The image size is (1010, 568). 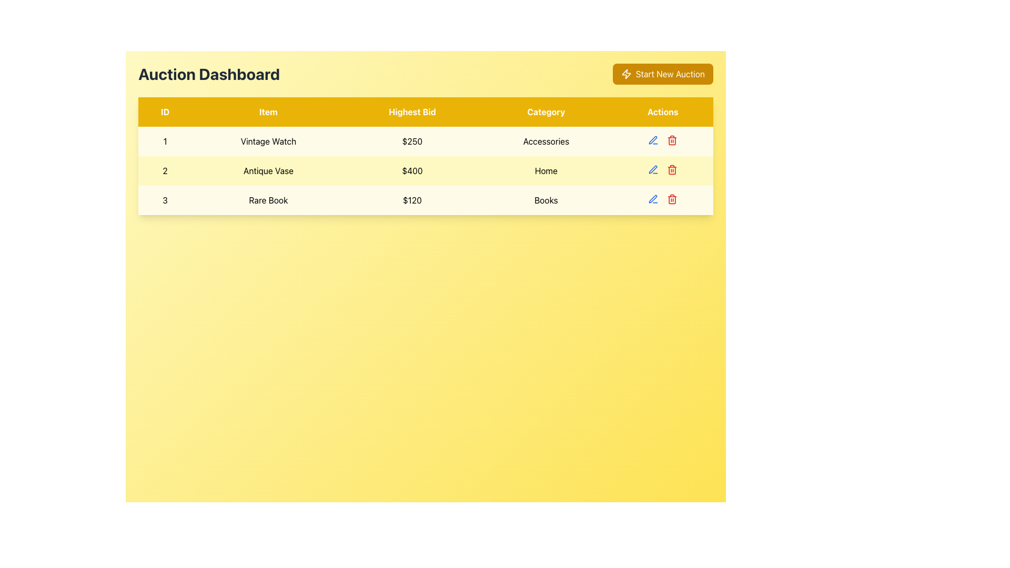 I want to click on text of the 'ID' column header in the Auction Dashboard table, which is located at the top-left of the interface, so click(x=165, y=111).